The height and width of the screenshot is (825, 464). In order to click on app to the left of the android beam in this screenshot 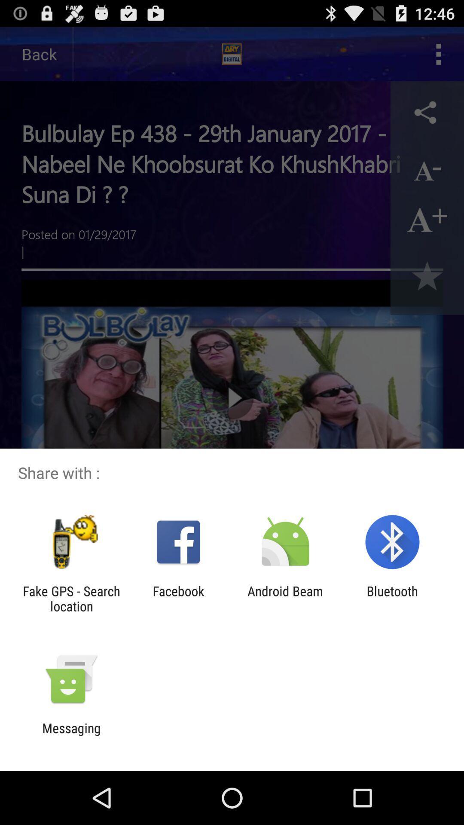, I will do `click(178, 598)`.